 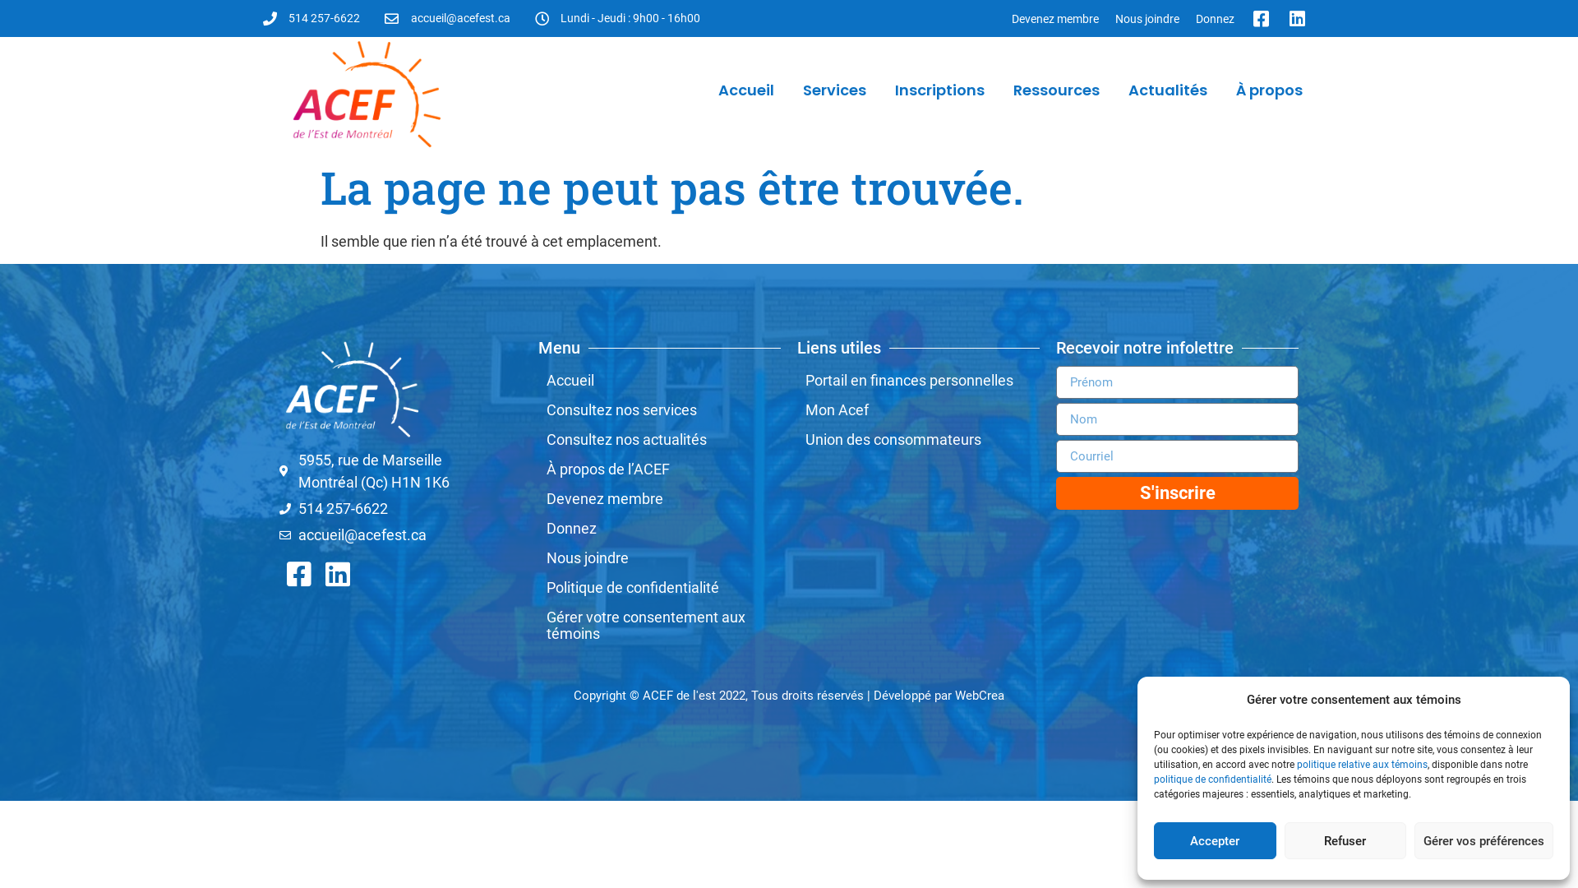 What do you see at coordinates (446, 18) in the screenshot?
I see `'accueil@acefest.ca'` at bounding box center [446, 18].